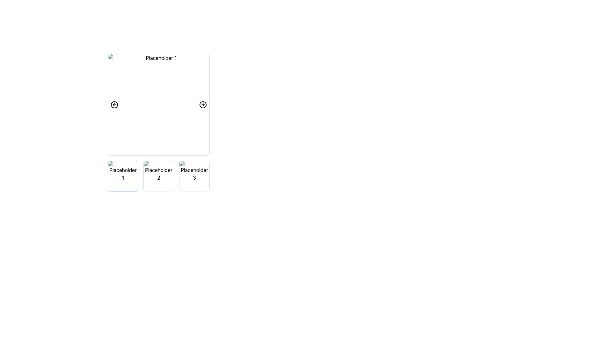 The width and height of the screenshot is (612, 344). What do you see at coordinates (114, 104) in the screenshot?
I see `the circular button with a white background and black inward-pointing left arrow, located to the left of the item titled 'Placeholder 1'` at bounding box center [114, 104].